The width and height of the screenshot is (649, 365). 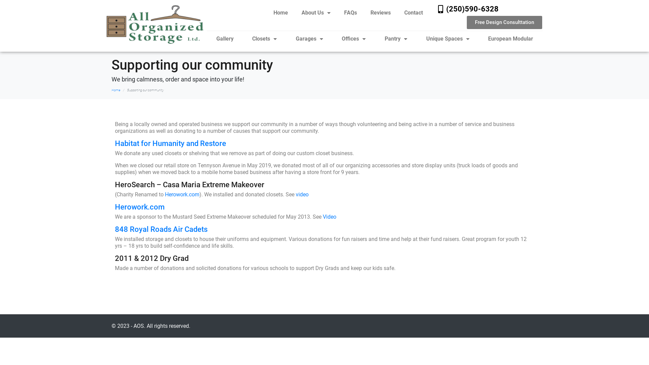 I want to click on 'FAQs', so click(x=350, y=13).